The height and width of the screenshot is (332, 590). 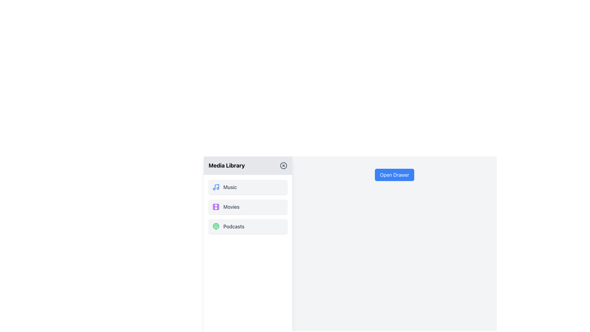 I want to click on the first List item labeled 'Music' in the 'Media Library' panel, so click(x=248, y=187).